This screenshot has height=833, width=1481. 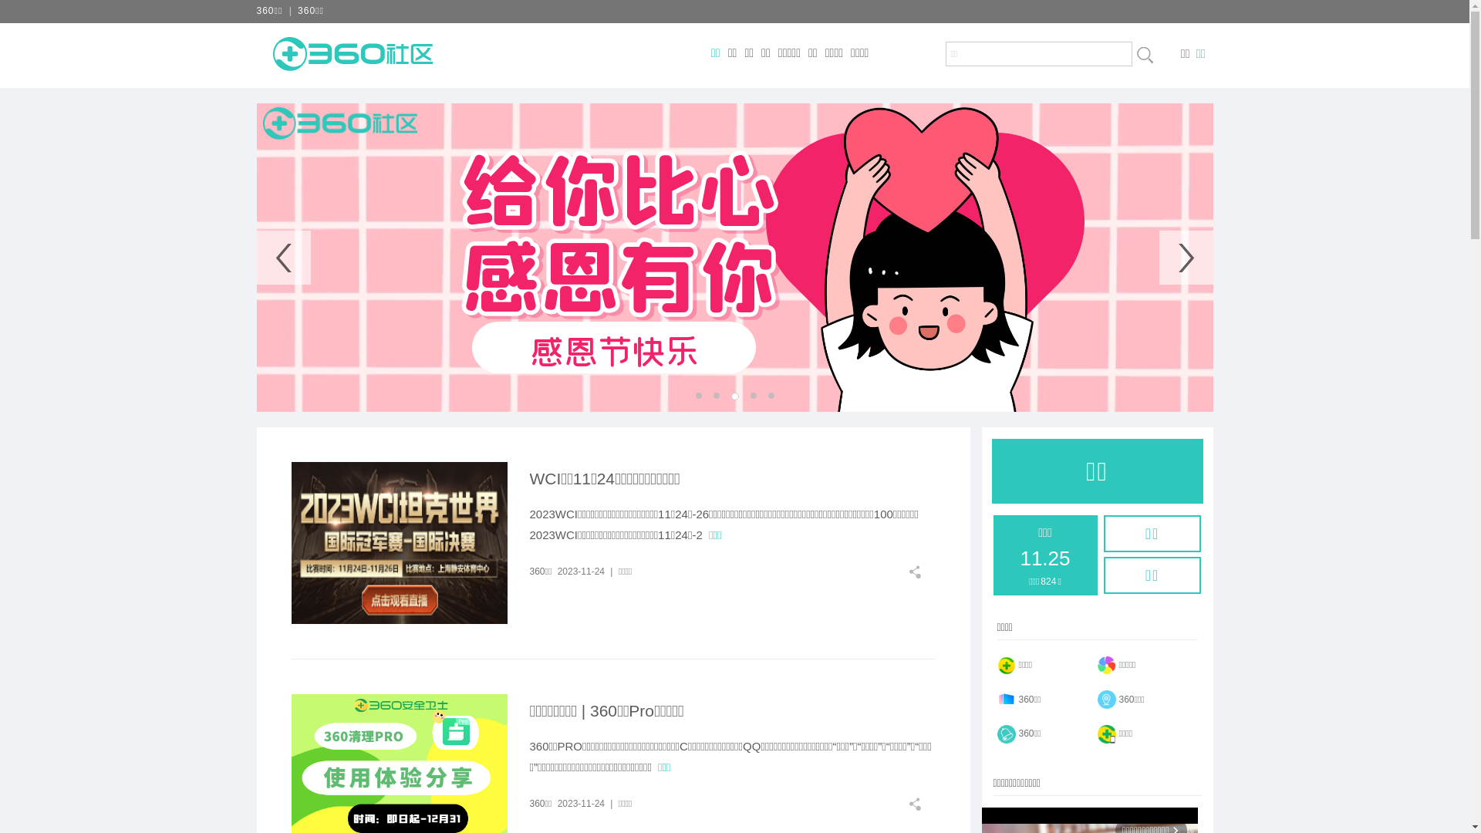 I want to click on ' ', so click(x=921, y=803).